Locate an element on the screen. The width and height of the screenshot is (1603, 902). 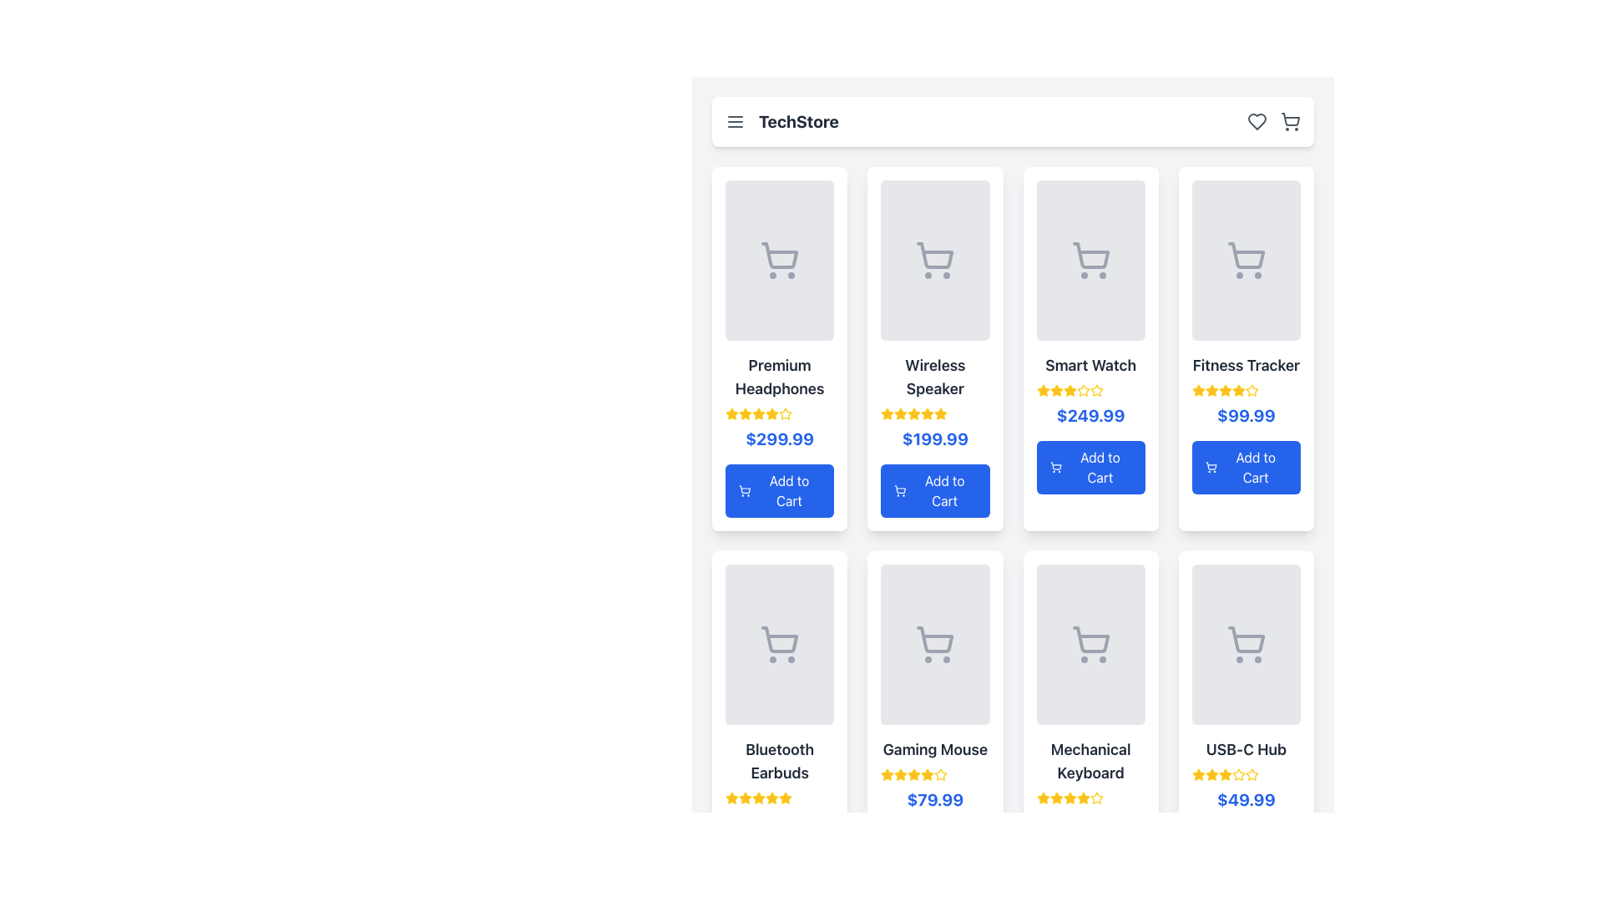
the third star icon in the rating section of the 'Premium Headphones' product card to visually indicate the user's rating is located at coordinates (757, 413).